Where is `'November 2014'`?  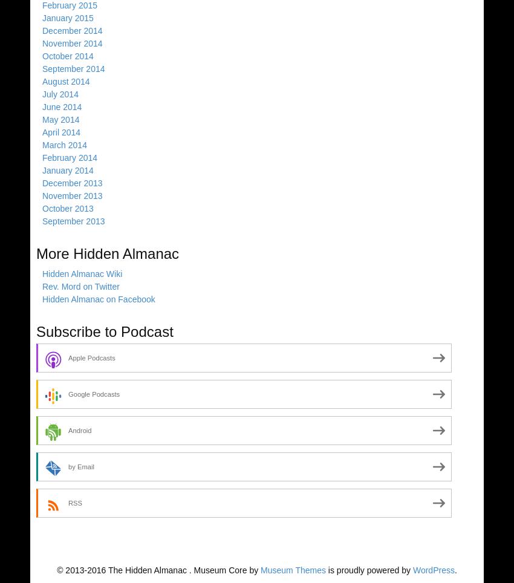 'November 2014' is located at coordinates (71, 43).